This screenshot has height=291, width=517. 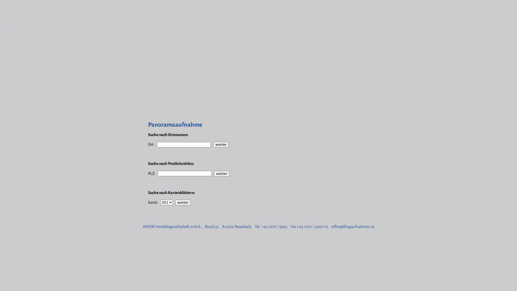 What do you see at coordinates (183, 202) in the screenshot?
I see `weiter` at bounding box center [183, 202].